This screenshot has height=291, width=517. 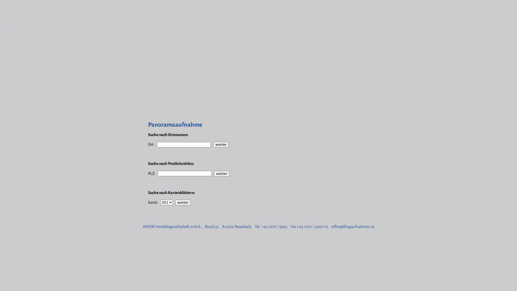 What do you see at coordinates (183, 202) in the screenshot?
I see `weiter` at bounding box center [183, 202].